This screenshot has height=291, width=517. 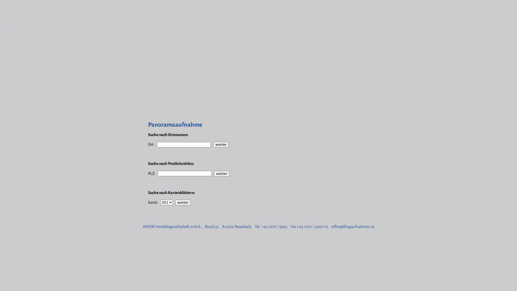 What do you see at coordinates (183, 202) in the screenshot?
I see `weiter` at bounding box center [183, 202].